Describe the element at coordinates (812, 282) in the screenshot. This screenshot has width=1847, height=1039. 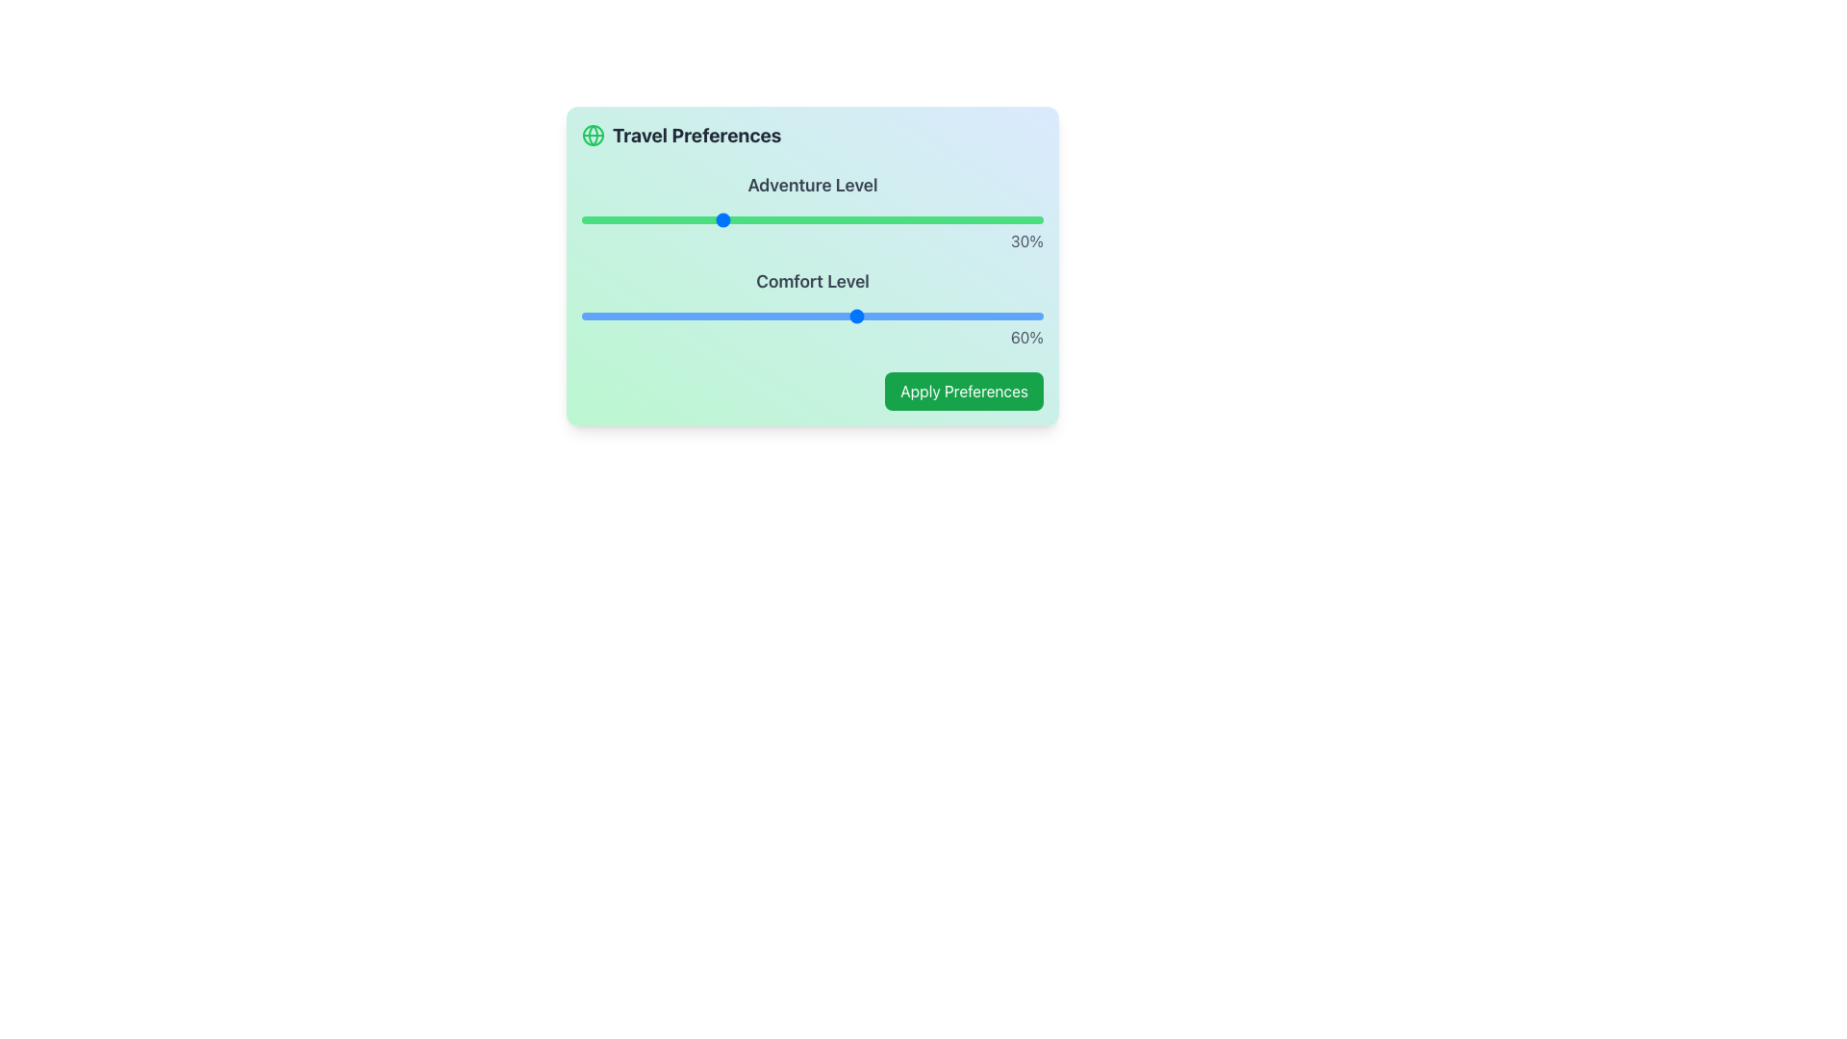
I see `the 'Comfort Level' static text label, which is bold, gray, and located above a slider and percentage value in the 'Comfort Level60%' group` at that location.